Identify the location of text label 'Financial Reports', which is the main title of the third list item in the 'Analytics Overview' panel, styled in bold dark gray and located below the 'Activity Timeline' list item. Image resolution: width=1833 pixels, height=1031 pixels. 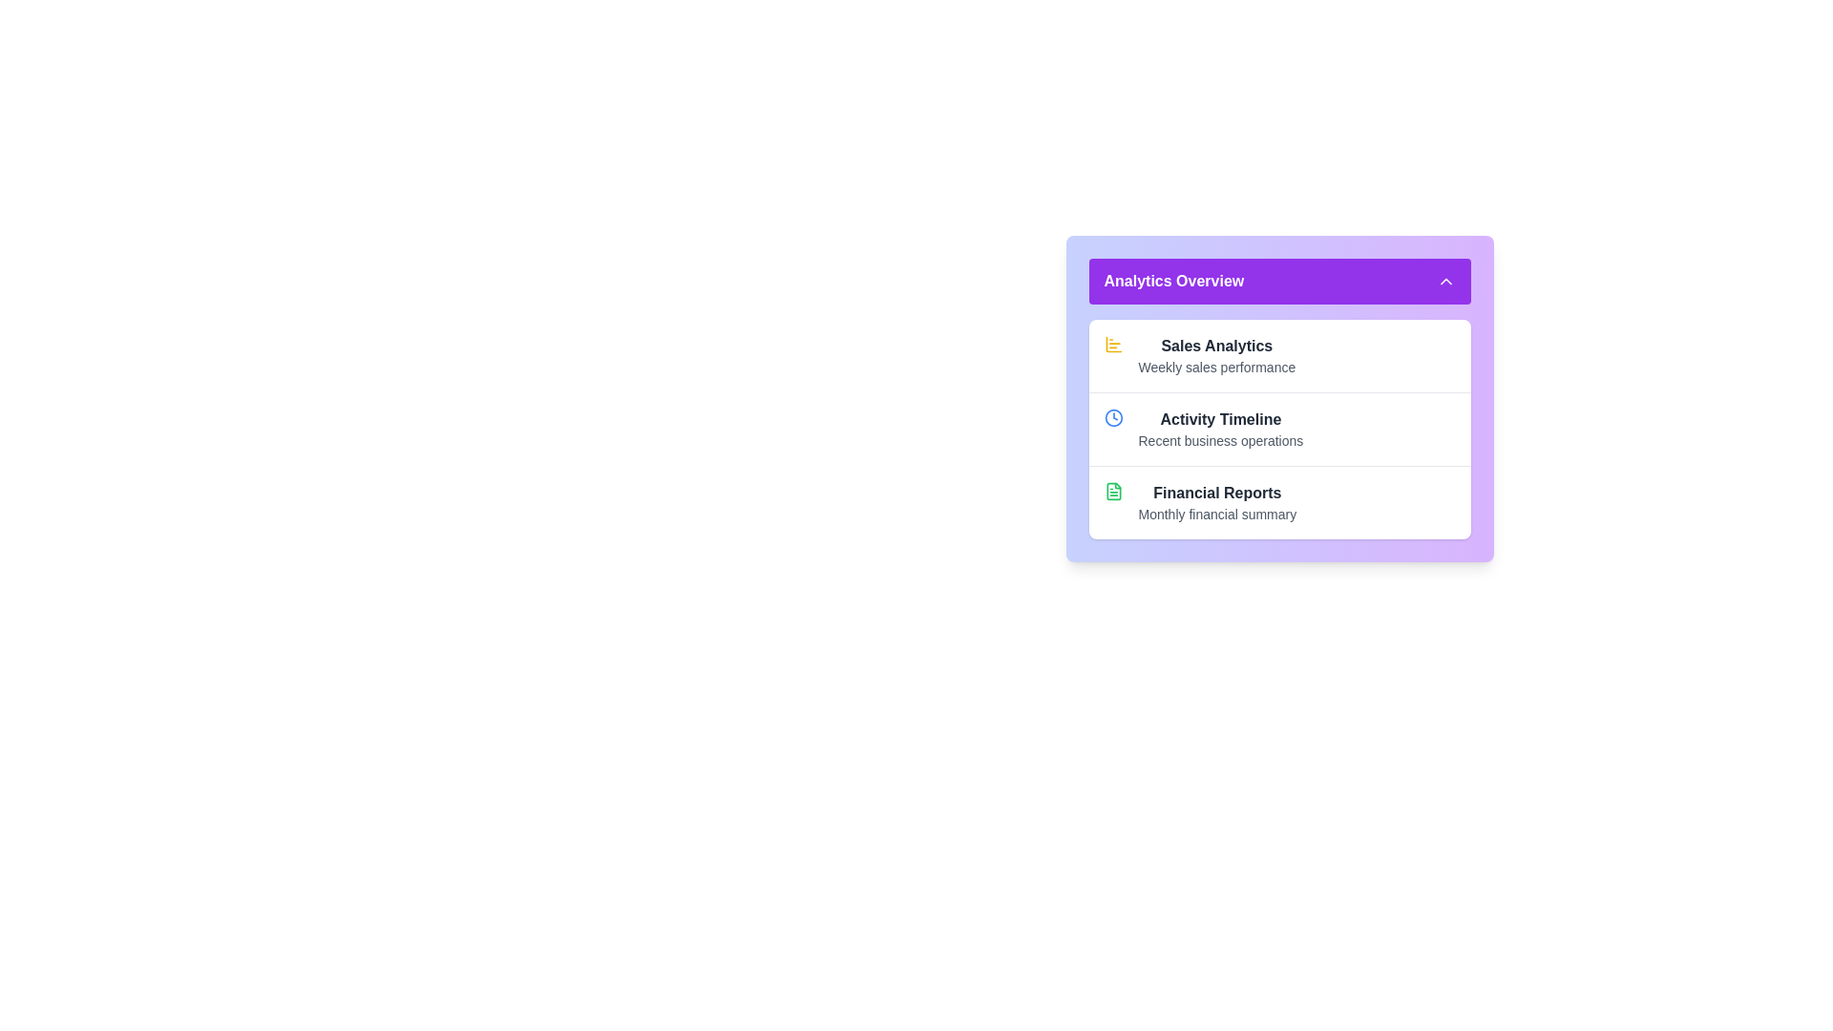
(1216, 492).